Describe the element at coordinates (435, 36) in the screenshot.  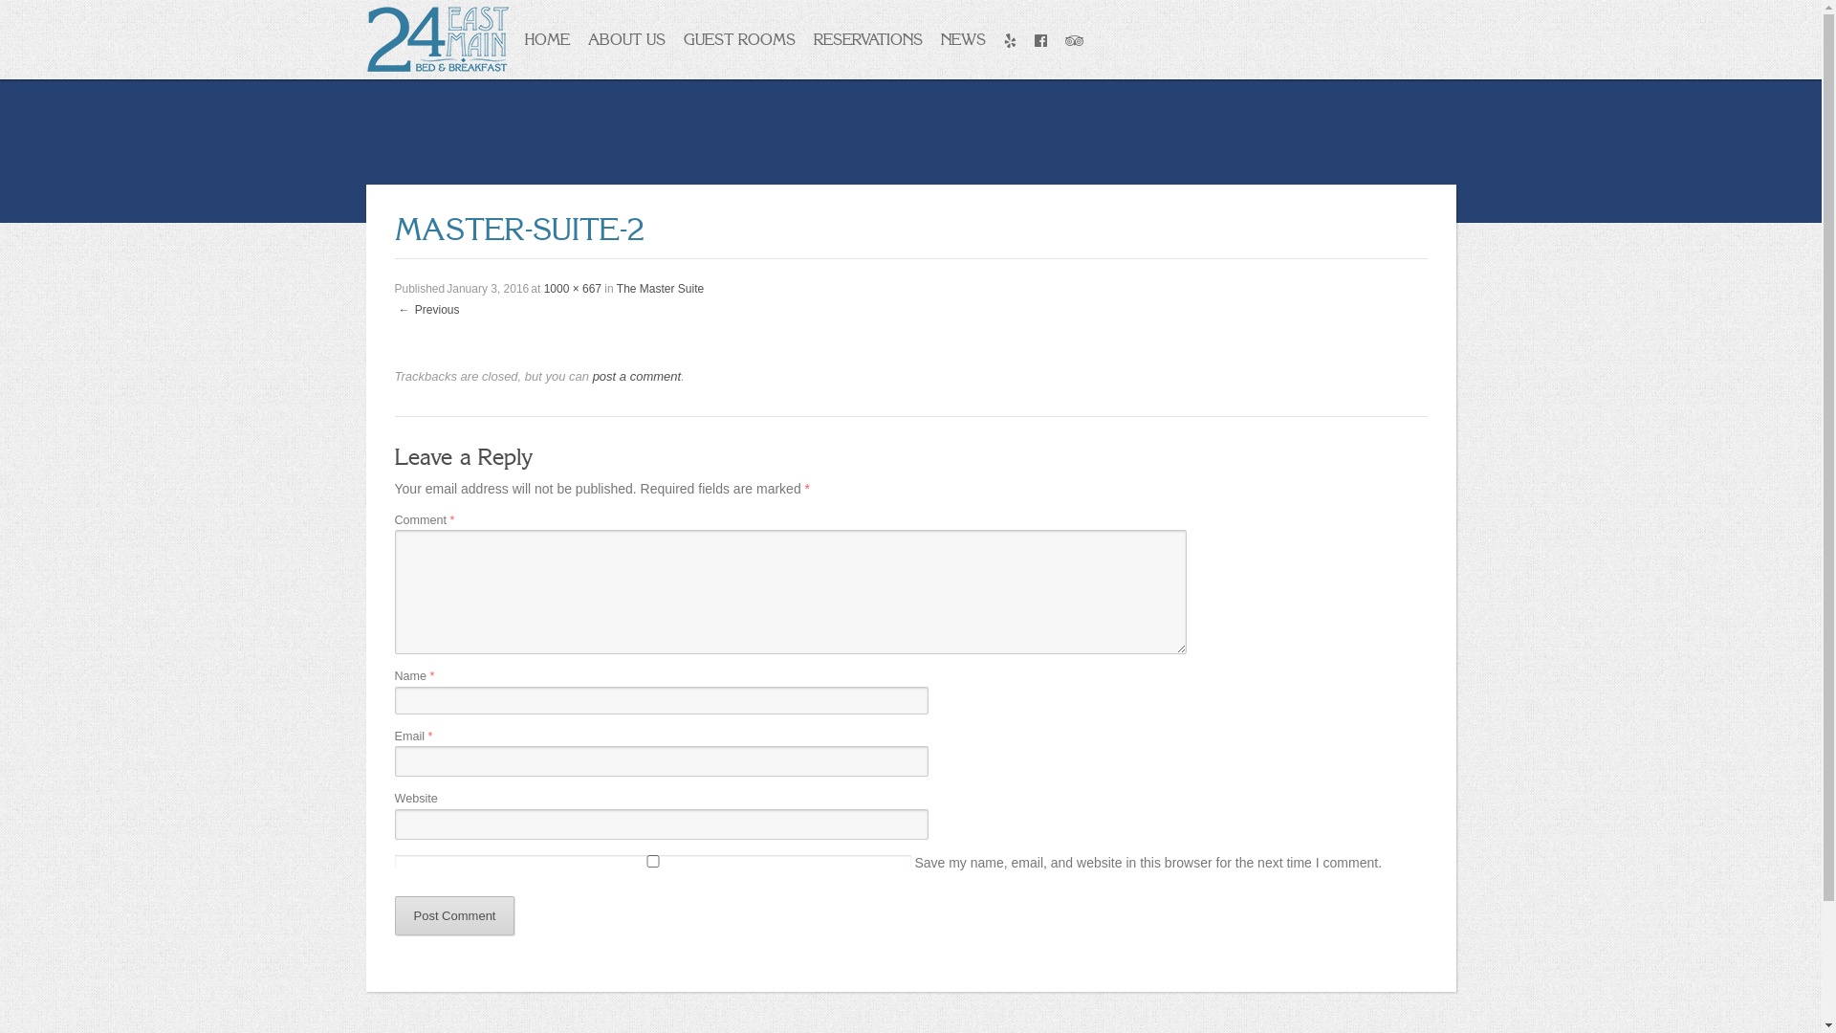
I see `'24 East Main'` at that location.